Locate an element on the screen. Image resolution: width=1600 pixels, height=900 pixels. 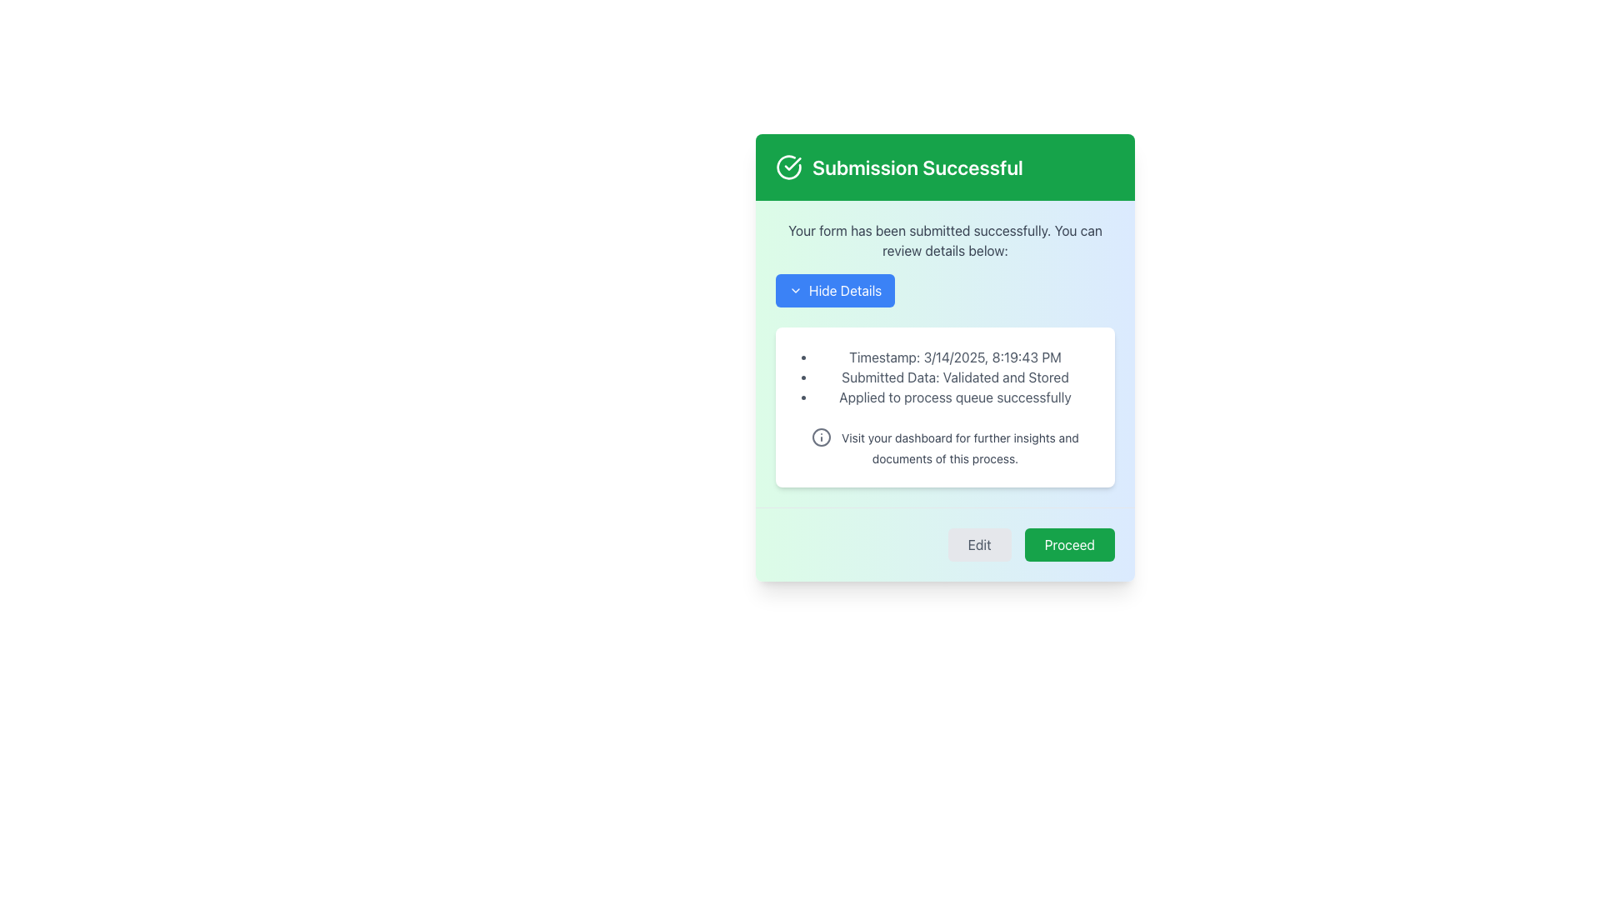
the text label indicating the validation and storage of the submitted data, which is the second item in a bulleted list within the 'Submission Successful' dialog box is located at coordinates (955, 377).